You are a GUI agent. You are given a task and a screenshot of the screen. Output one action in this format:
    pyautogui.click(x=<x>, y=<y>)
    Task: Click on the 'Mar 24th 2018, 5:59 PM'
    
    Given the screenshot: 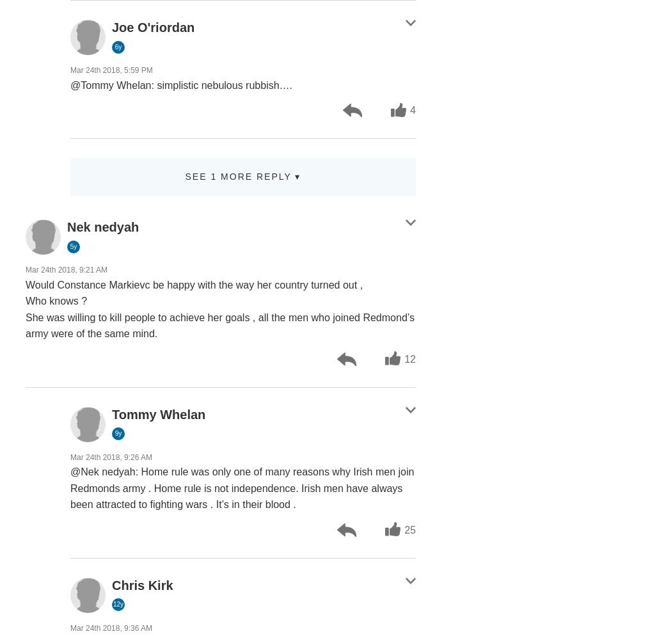 What is the action you would take?
    pyautogui.click(x=111, y=70)
    